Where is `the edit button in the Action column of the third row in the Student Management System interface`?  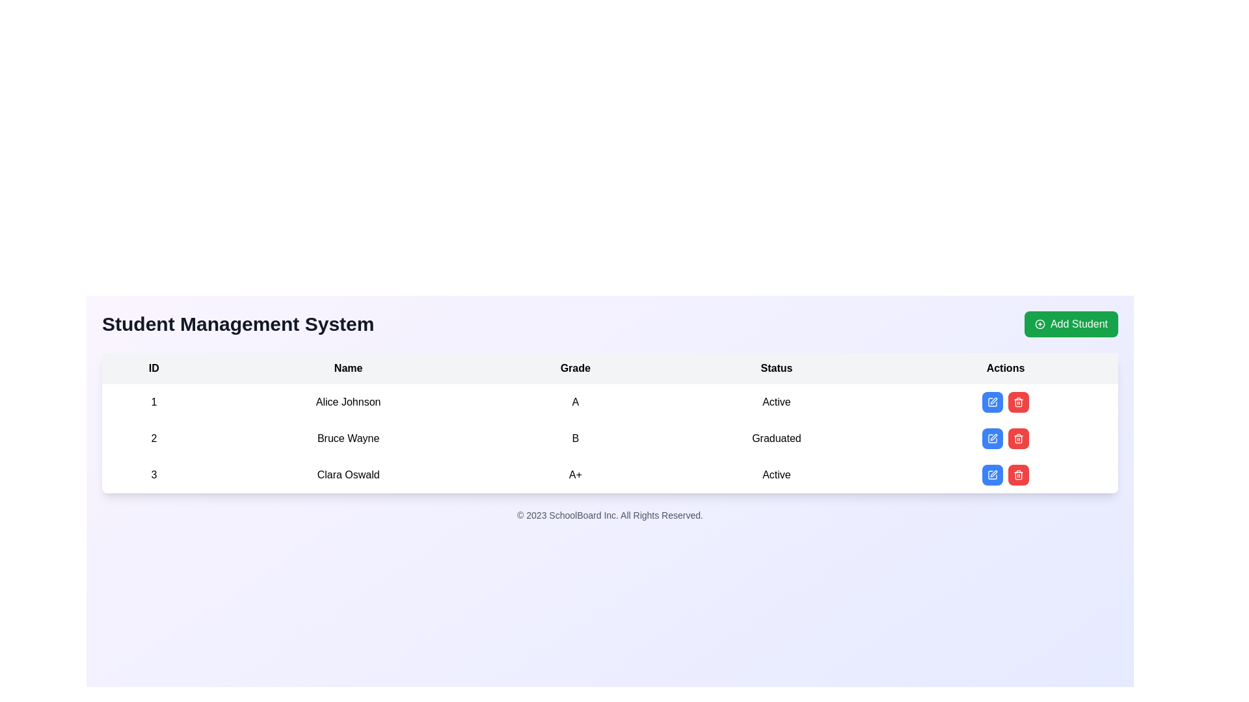
the edit button in the Action column of the third row in the Student Management System interface is located at coordinates (992, 475).